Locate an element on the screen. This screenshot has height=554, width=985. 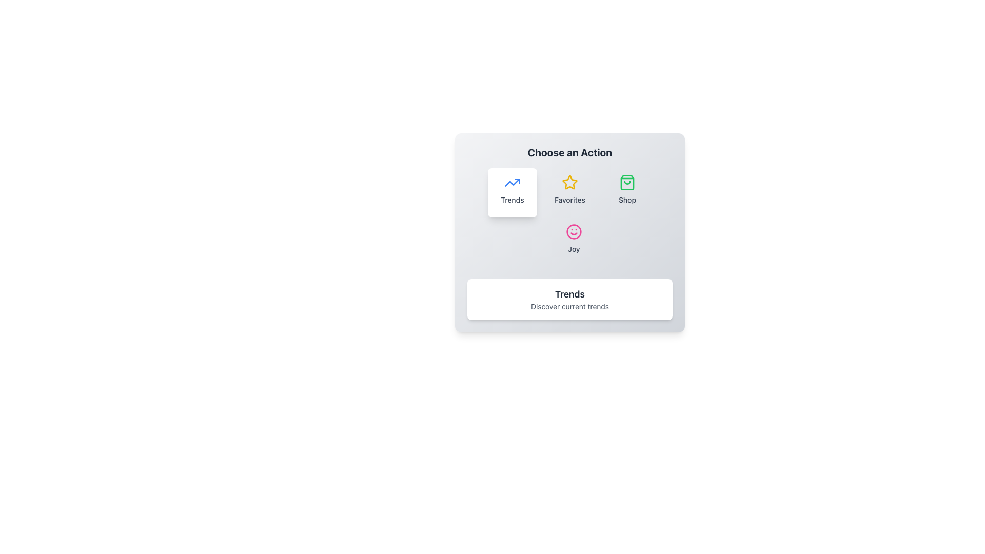
the blue upwards trending arrow icon above the word 'Trends' is located at coordinates (512, 192).